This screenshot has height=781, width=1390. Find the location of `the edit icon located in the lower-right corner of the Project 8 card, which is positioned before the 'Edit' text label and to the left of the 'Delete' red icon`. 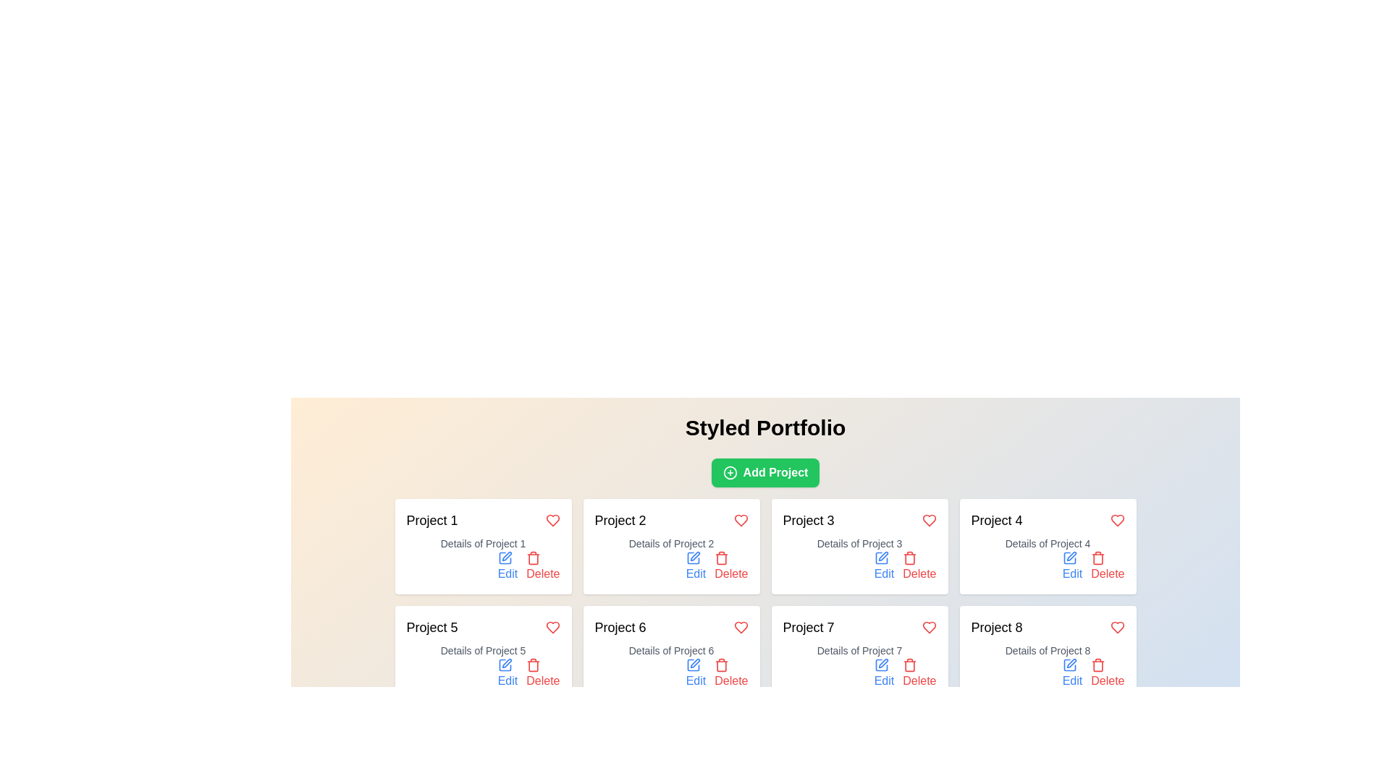

the edit icon located in the lower-right corner of the Project 8 card, which is positioned before the 'Edit' text label and to the left of the 'Delete' red icon is located at coordinates (1069, 665).